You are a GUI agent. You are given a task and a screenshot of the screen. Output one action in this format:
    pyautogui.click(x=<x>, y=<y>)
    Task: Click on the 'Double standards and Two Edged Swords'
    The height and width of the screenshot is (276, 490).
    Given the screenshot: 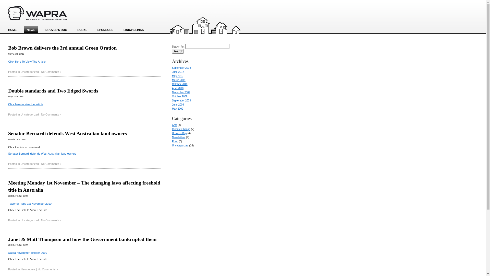 What is the action you would take?
    pyautogui.click(x=53, y=90)
    